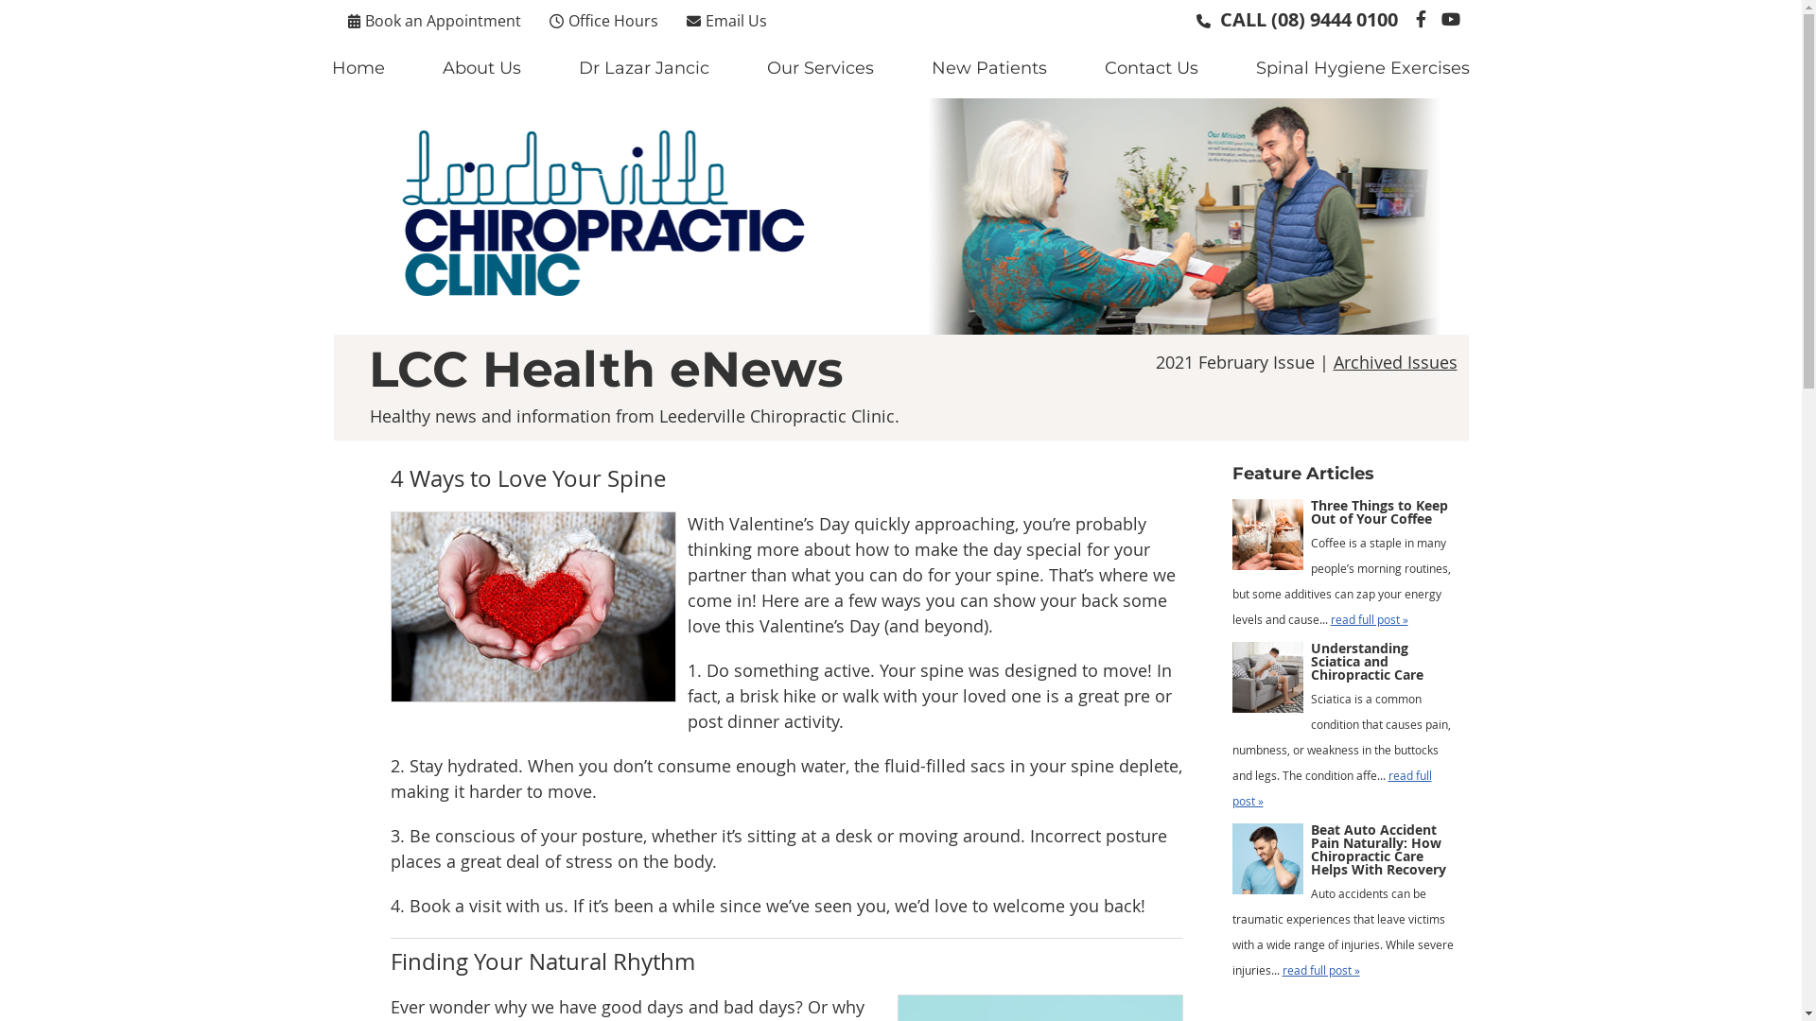  I want to click on 'New Patients', so click(988, 67).